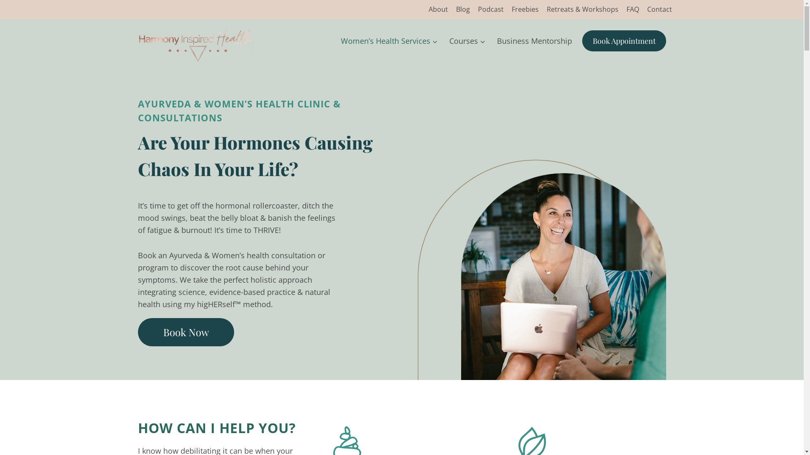 This screenshot has height=455, width=810. I want to click on 'FAQ', so click(622, 9).